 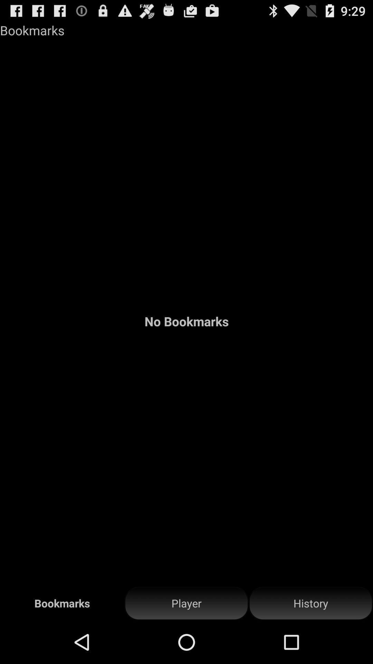 What do you see at coordinates (186, 603) in the screenshot?
I see `icon below the no bookmarks` at bounding box center [186, 603].